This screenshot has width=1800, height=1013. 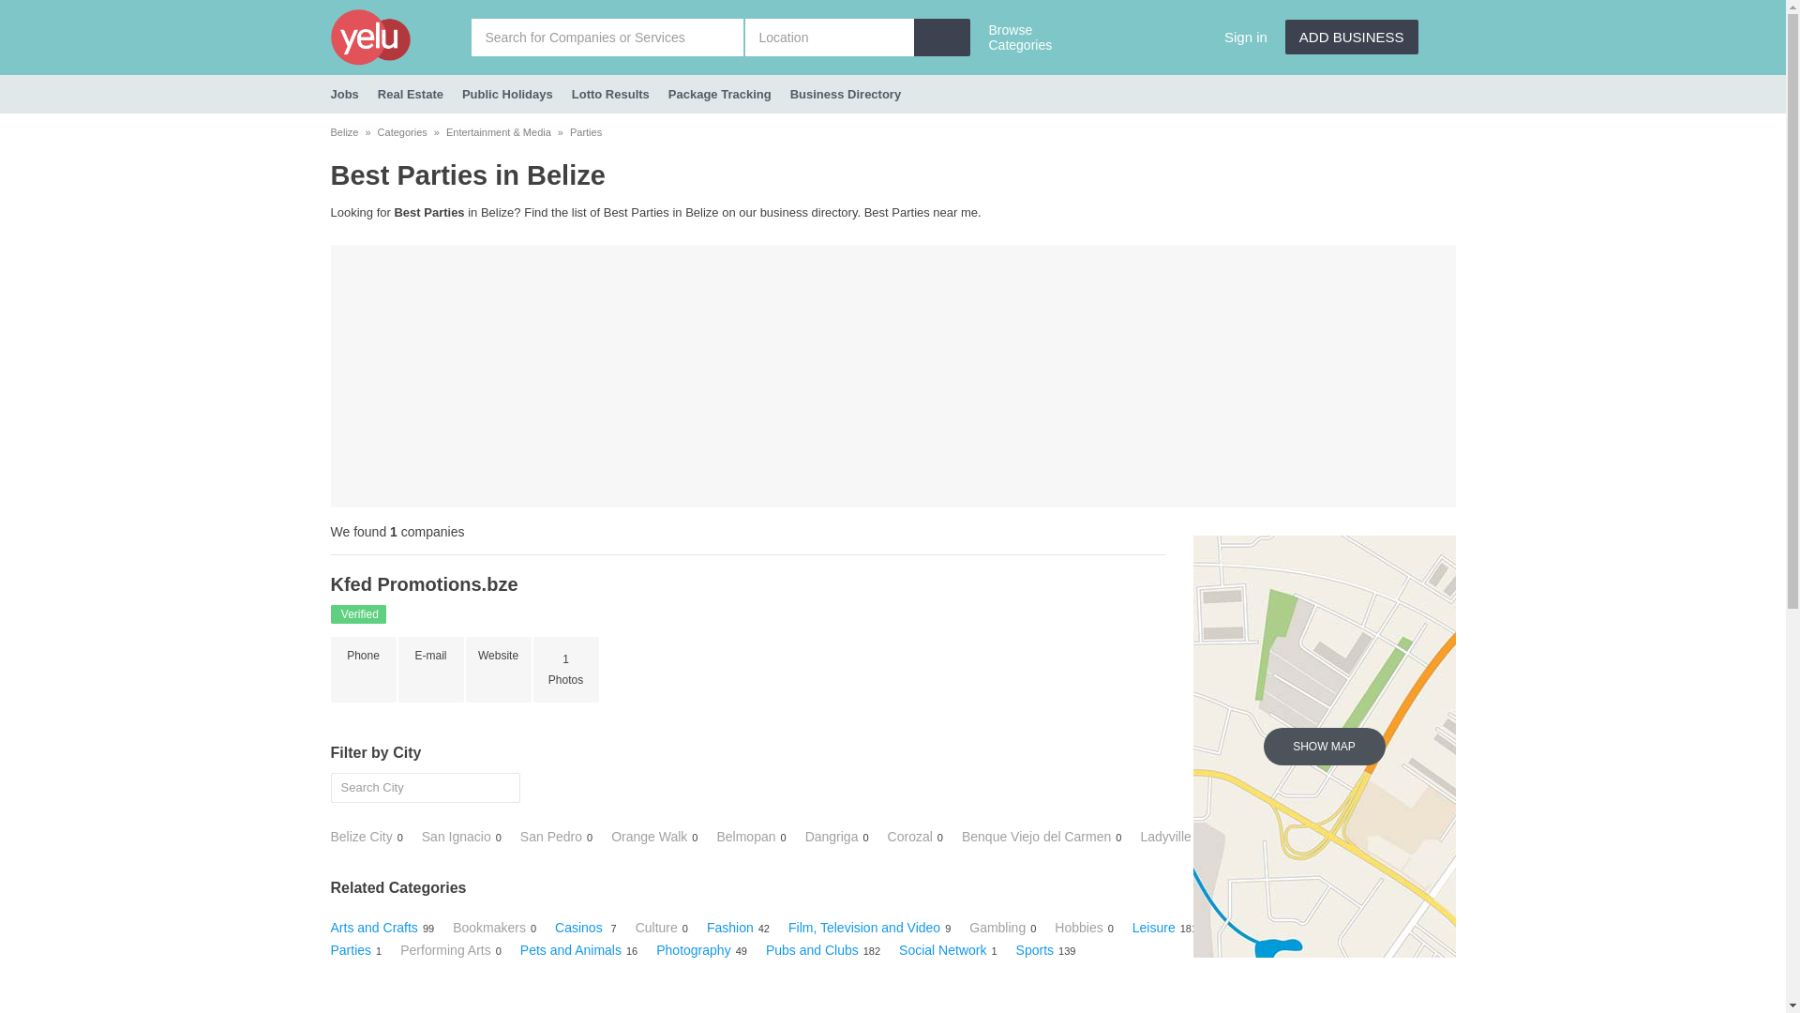 What do you see at coordinates (343, 131) in the screenshot?
I see `'Belize'` at bounding box center [343, 131].